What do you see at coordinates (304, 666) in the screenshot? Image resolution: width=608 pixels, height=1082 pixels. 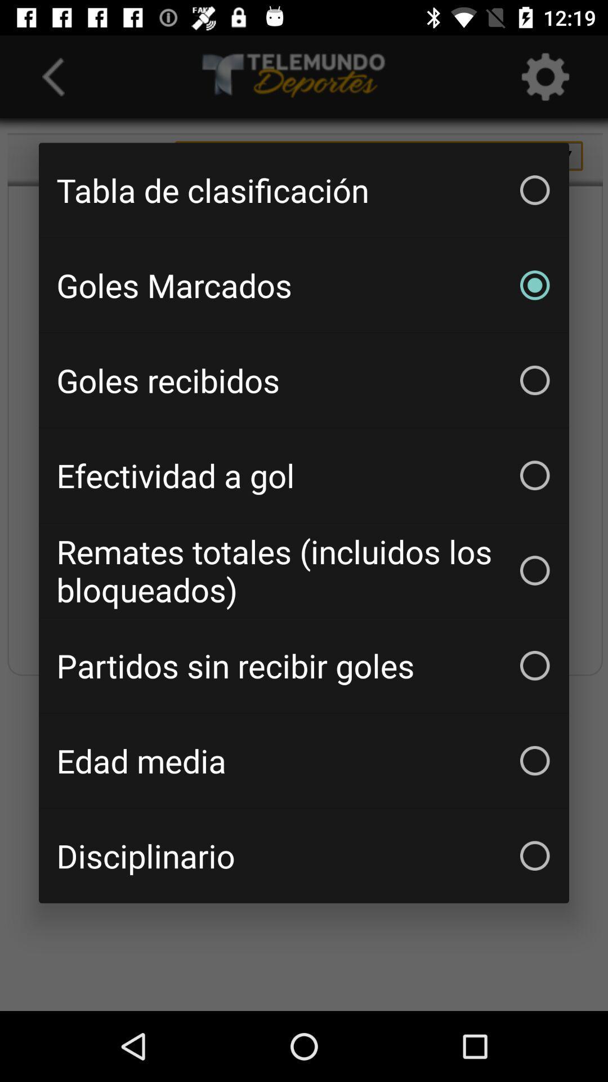 I see `icon below the remates totales incluidos item` at bounding box center [304, 666].